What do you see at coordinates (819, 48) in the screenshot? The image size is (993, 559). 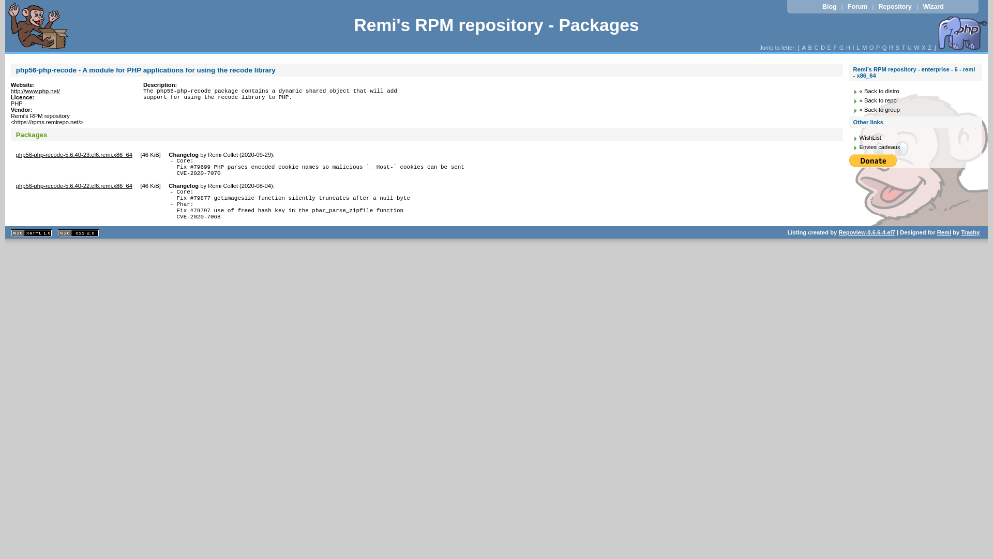 I see `'D'` at bounding box center [819, 48].